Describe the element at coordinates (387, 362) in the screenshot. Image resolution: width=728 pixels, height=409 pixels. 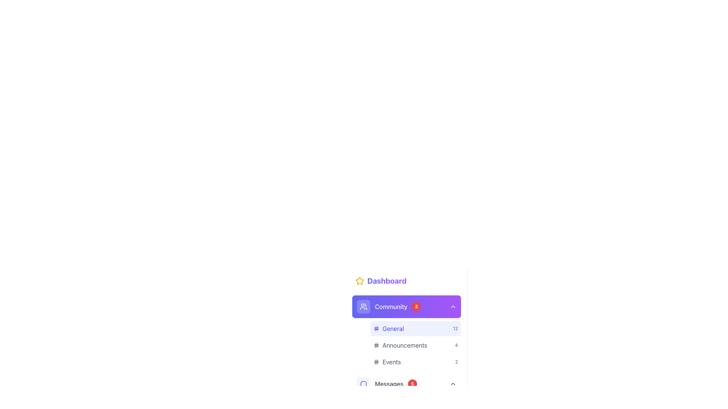
I see `the 'Events' text label with an accompanying icon` at that location.